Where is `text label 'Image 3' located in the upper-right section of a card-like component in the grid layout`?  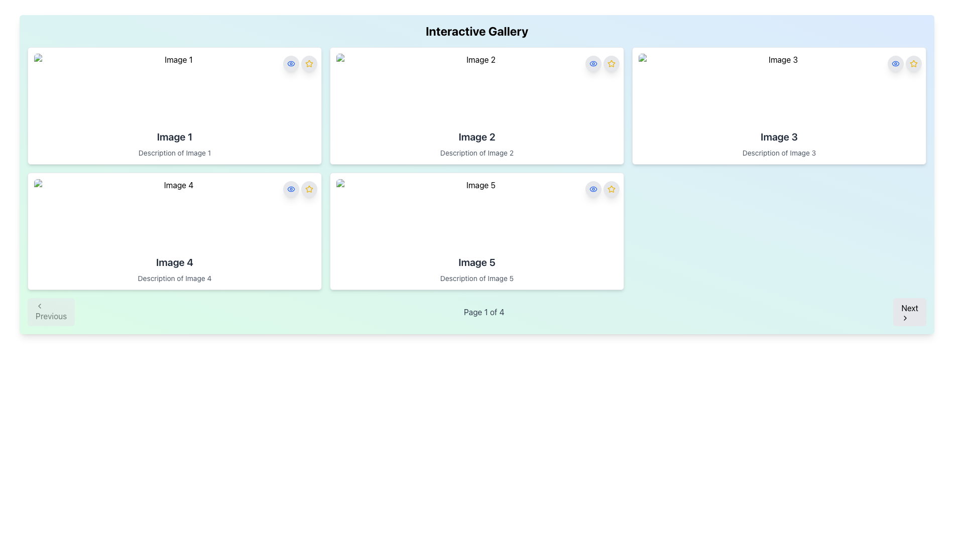
text label 'Image 3' located in the upper-right section of a card-like component in the grid layout is located at coordinates (778, 137).